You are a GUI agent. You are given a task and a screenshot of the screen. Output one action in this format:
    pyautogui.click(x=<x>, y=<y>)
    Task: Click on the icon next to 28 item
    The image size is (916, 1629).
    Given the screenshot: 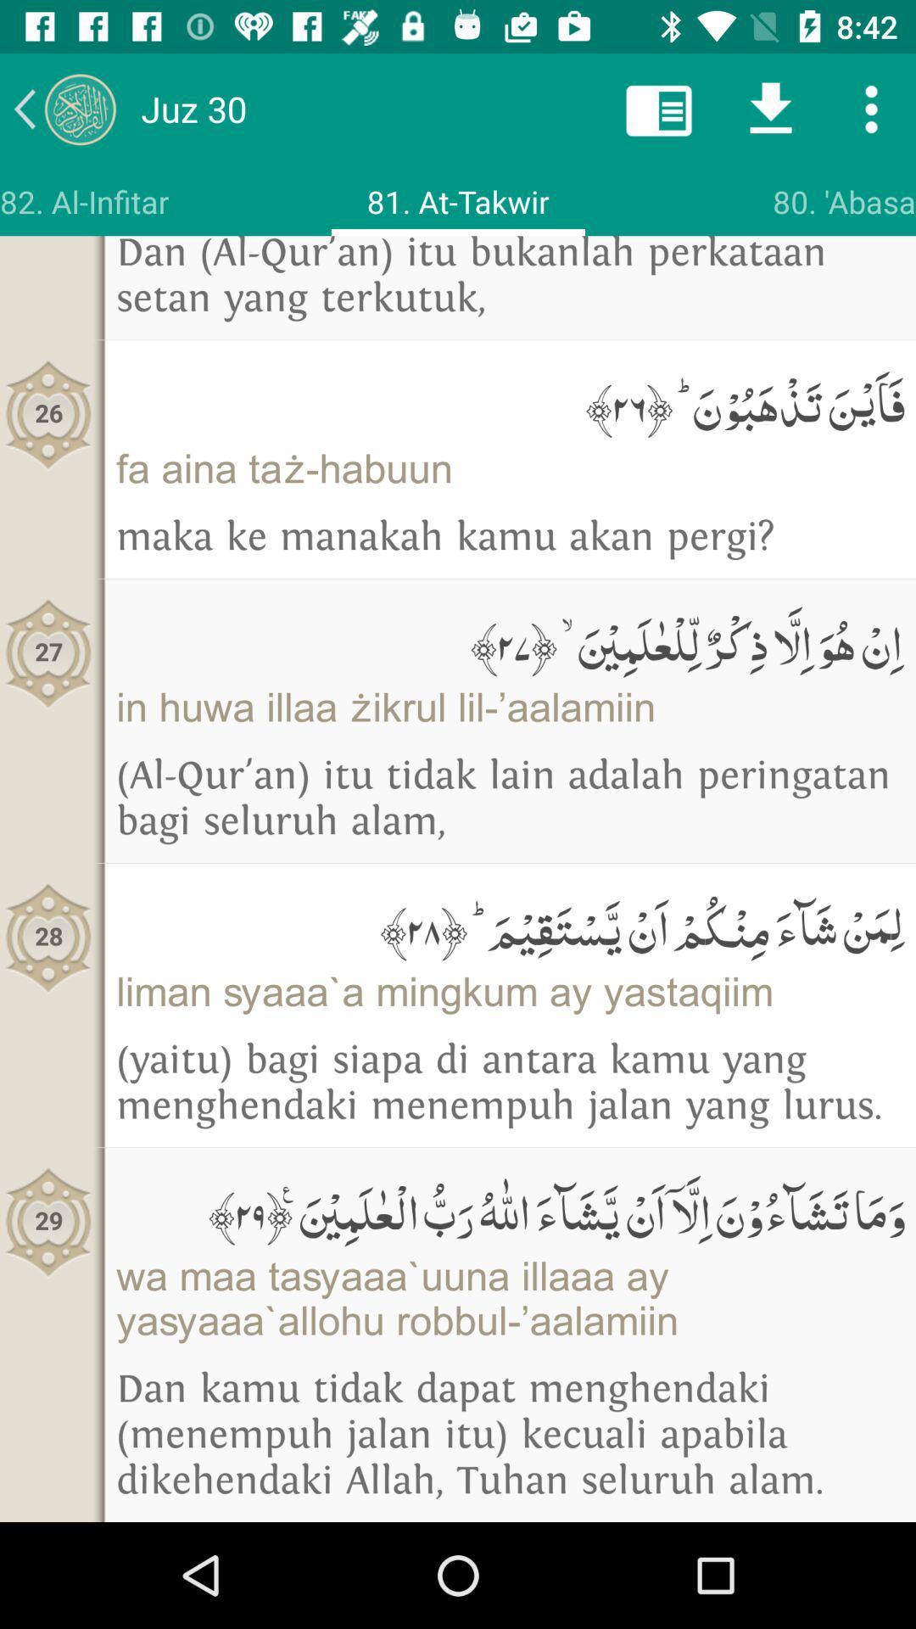 What is the action you would take?
    pyautogui.click(x=509, y=924)
    